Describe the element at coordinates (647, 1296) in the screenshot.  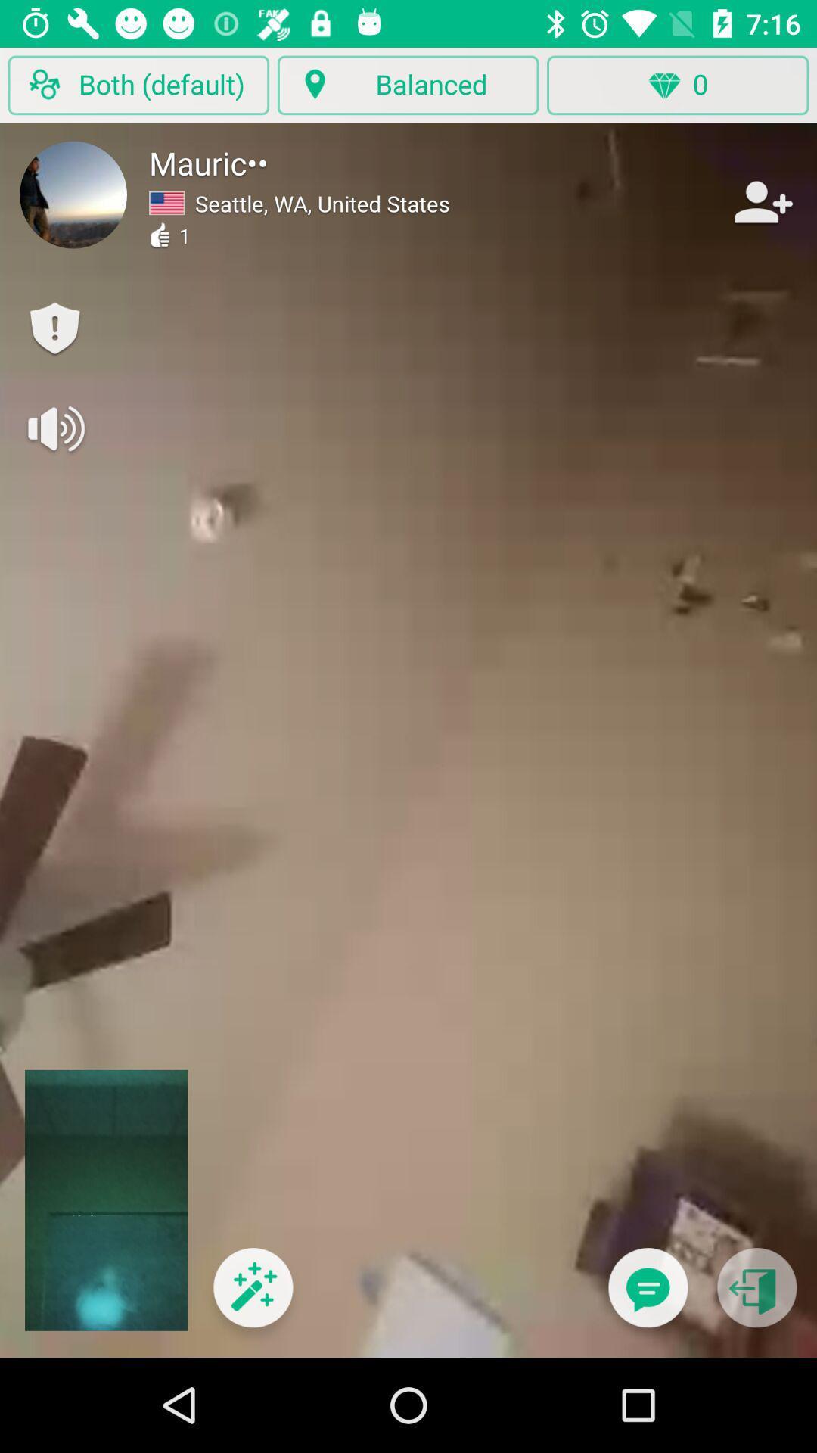
I see `the chat icon` at that location.